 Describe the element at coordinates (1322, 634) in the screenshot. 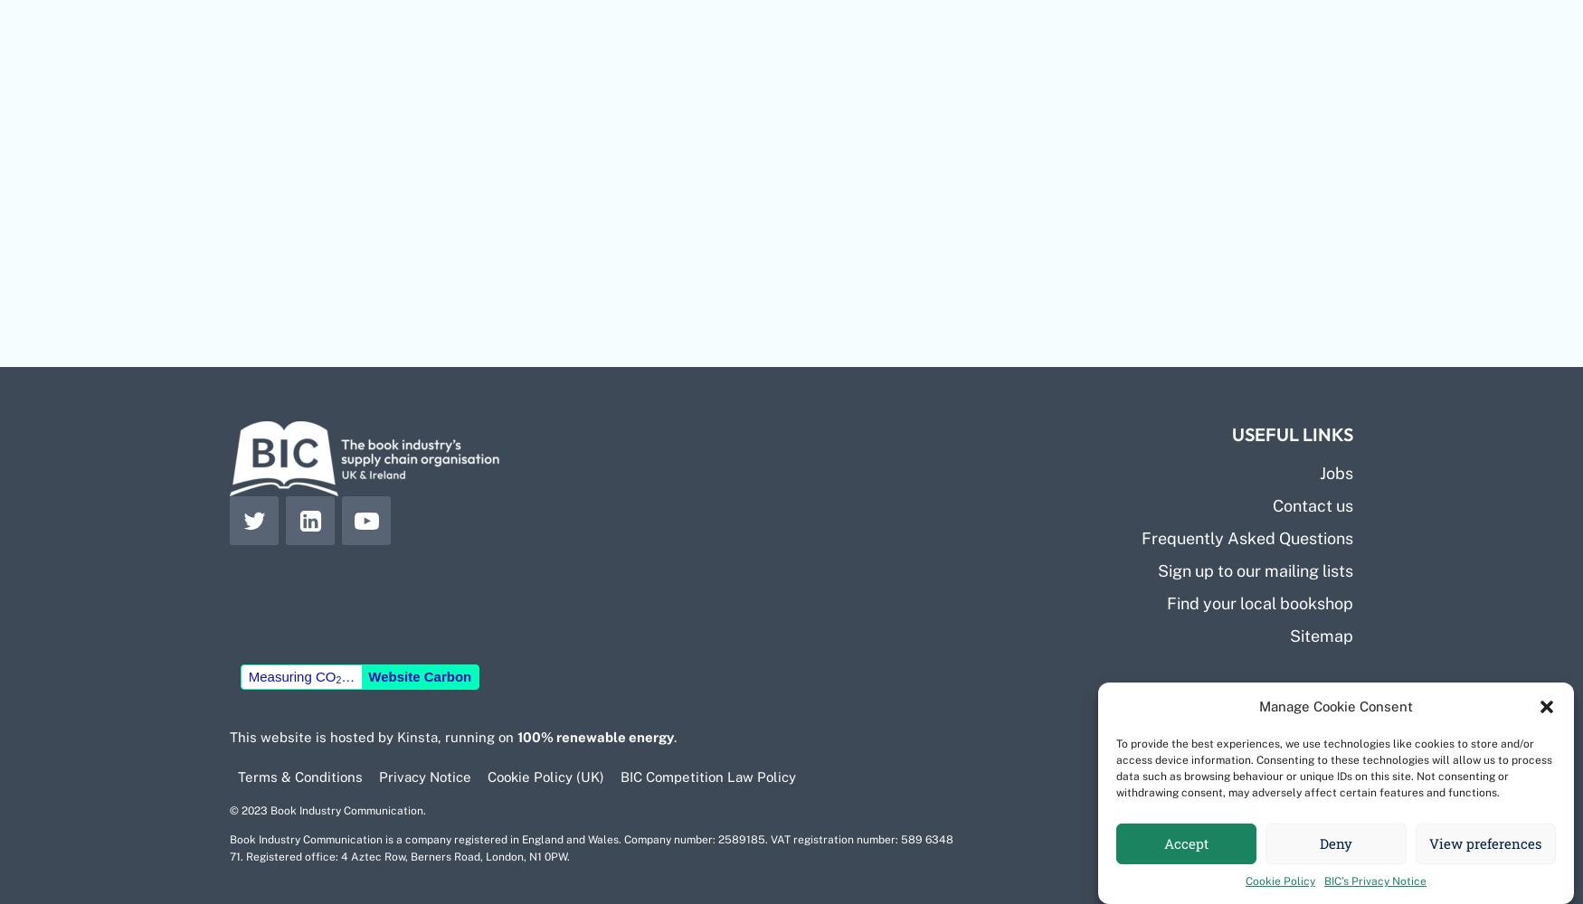

I see `'Sitemap'` at that location.